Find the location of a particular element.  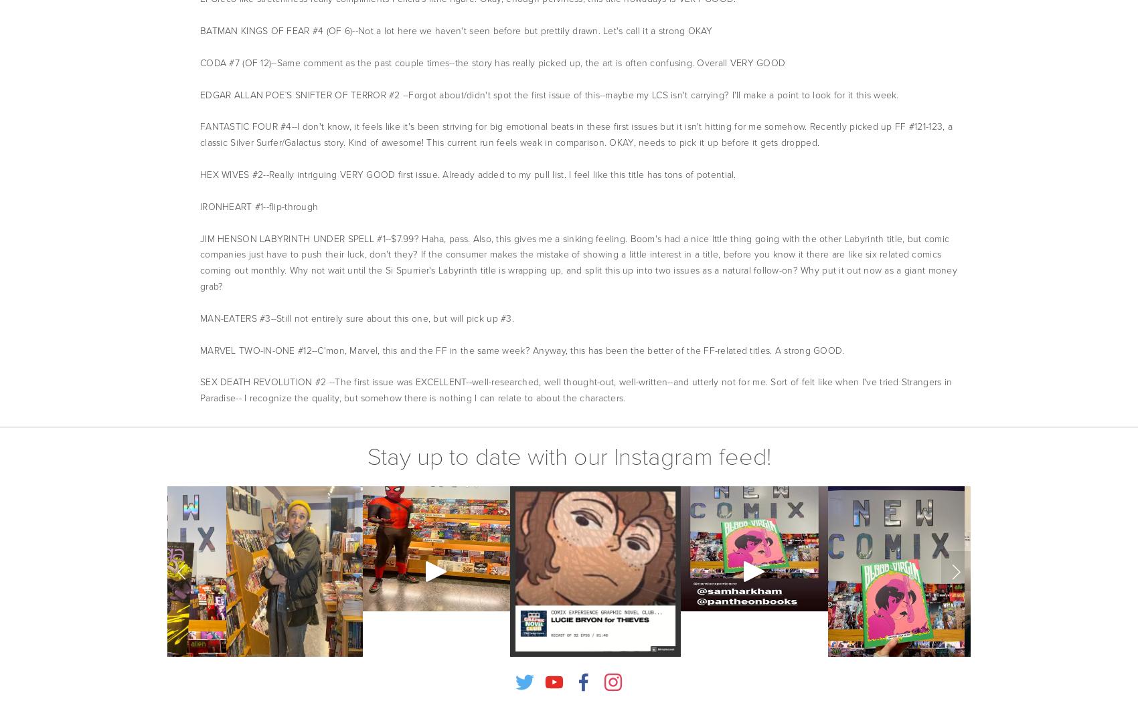

'FANTASTIC FOUR #4--I don't know, it feels like it's been striving for big emotional beats in these first issues but it isn't hitting for me somehow. Recently picked up FF #121-123, a classic Silver Surfer/Galactus story. Kind of awesome! This current run feels weak in comparison. OKAY, needs to pick it up before it gets dropped.' is located at coordinates (576, 134).